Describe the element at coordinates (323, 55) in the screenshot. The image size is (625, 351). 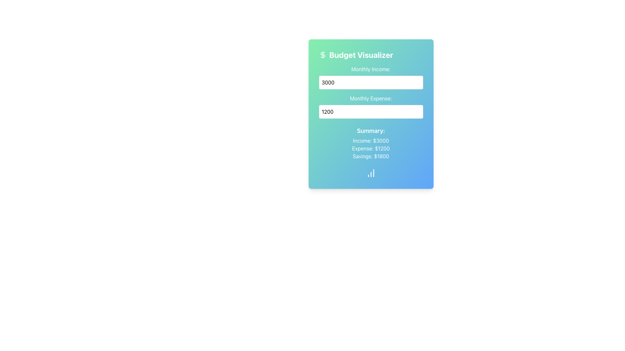
I see `the lower curved segment of the dollar sign icon in the SVG graphic, which is part of the 'Budget Visualizer' layout` at that location.